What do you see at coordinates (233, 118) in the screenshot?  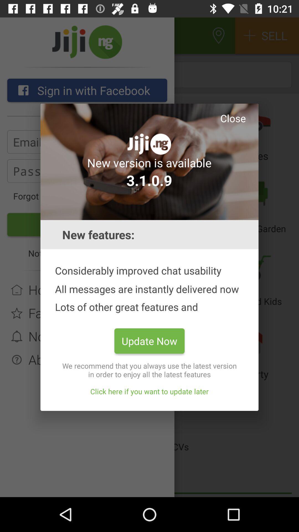 I see `the close at the top right corner` at bounding box center [233, 118].